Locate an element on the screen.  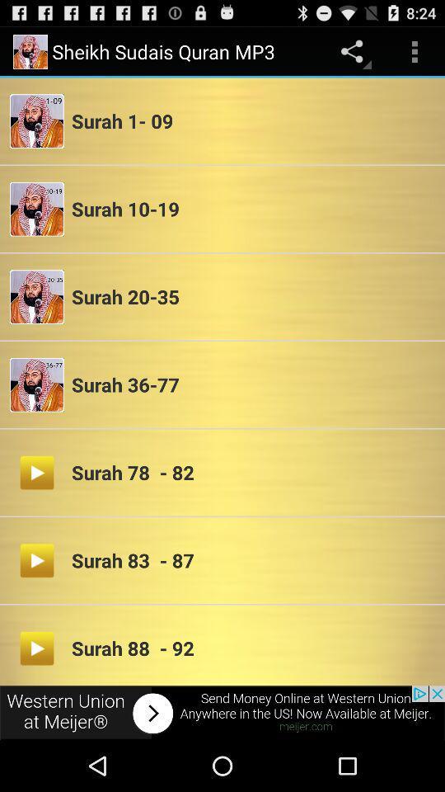
click the advertisement is located at coordinates (222, 712).